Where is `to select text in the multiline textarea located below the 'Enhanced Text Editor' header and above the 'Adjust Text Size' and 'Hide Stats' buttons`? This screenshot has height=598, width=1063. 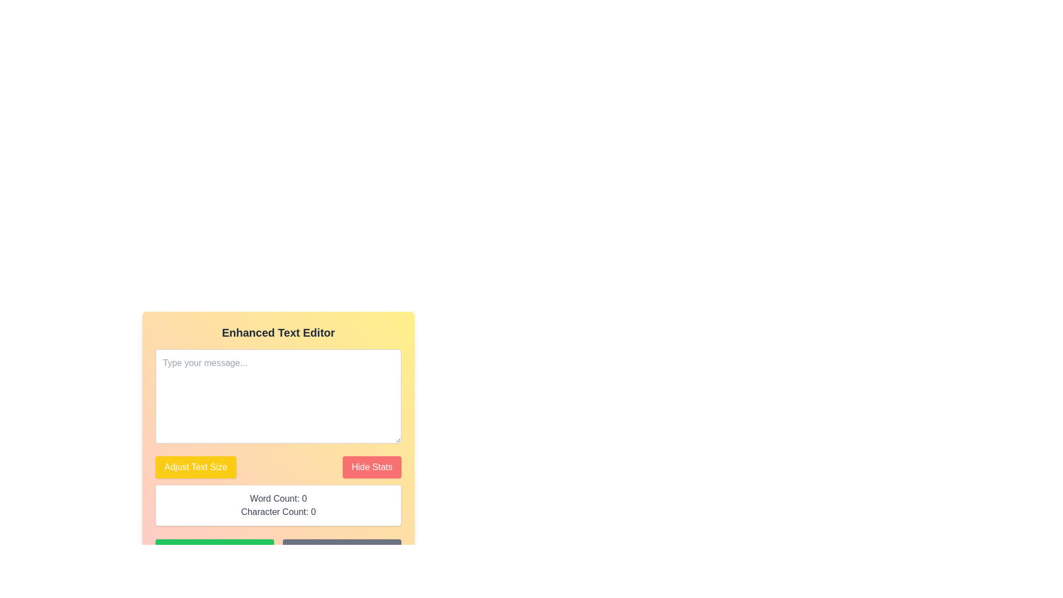
to select text in the multiline textarea located below the 'Enhanced Text Editor' header and above the 'Adjust Text Size' and 'Hide Stats' buttons is located at coordinates (278, 396).